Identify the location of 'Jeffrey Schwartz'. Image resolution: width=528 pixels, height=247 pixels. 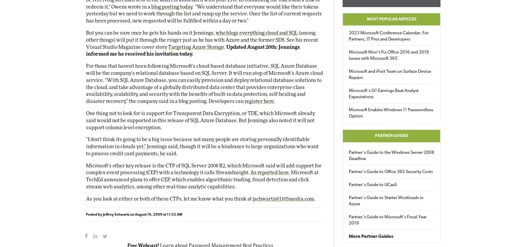
(116, 214).